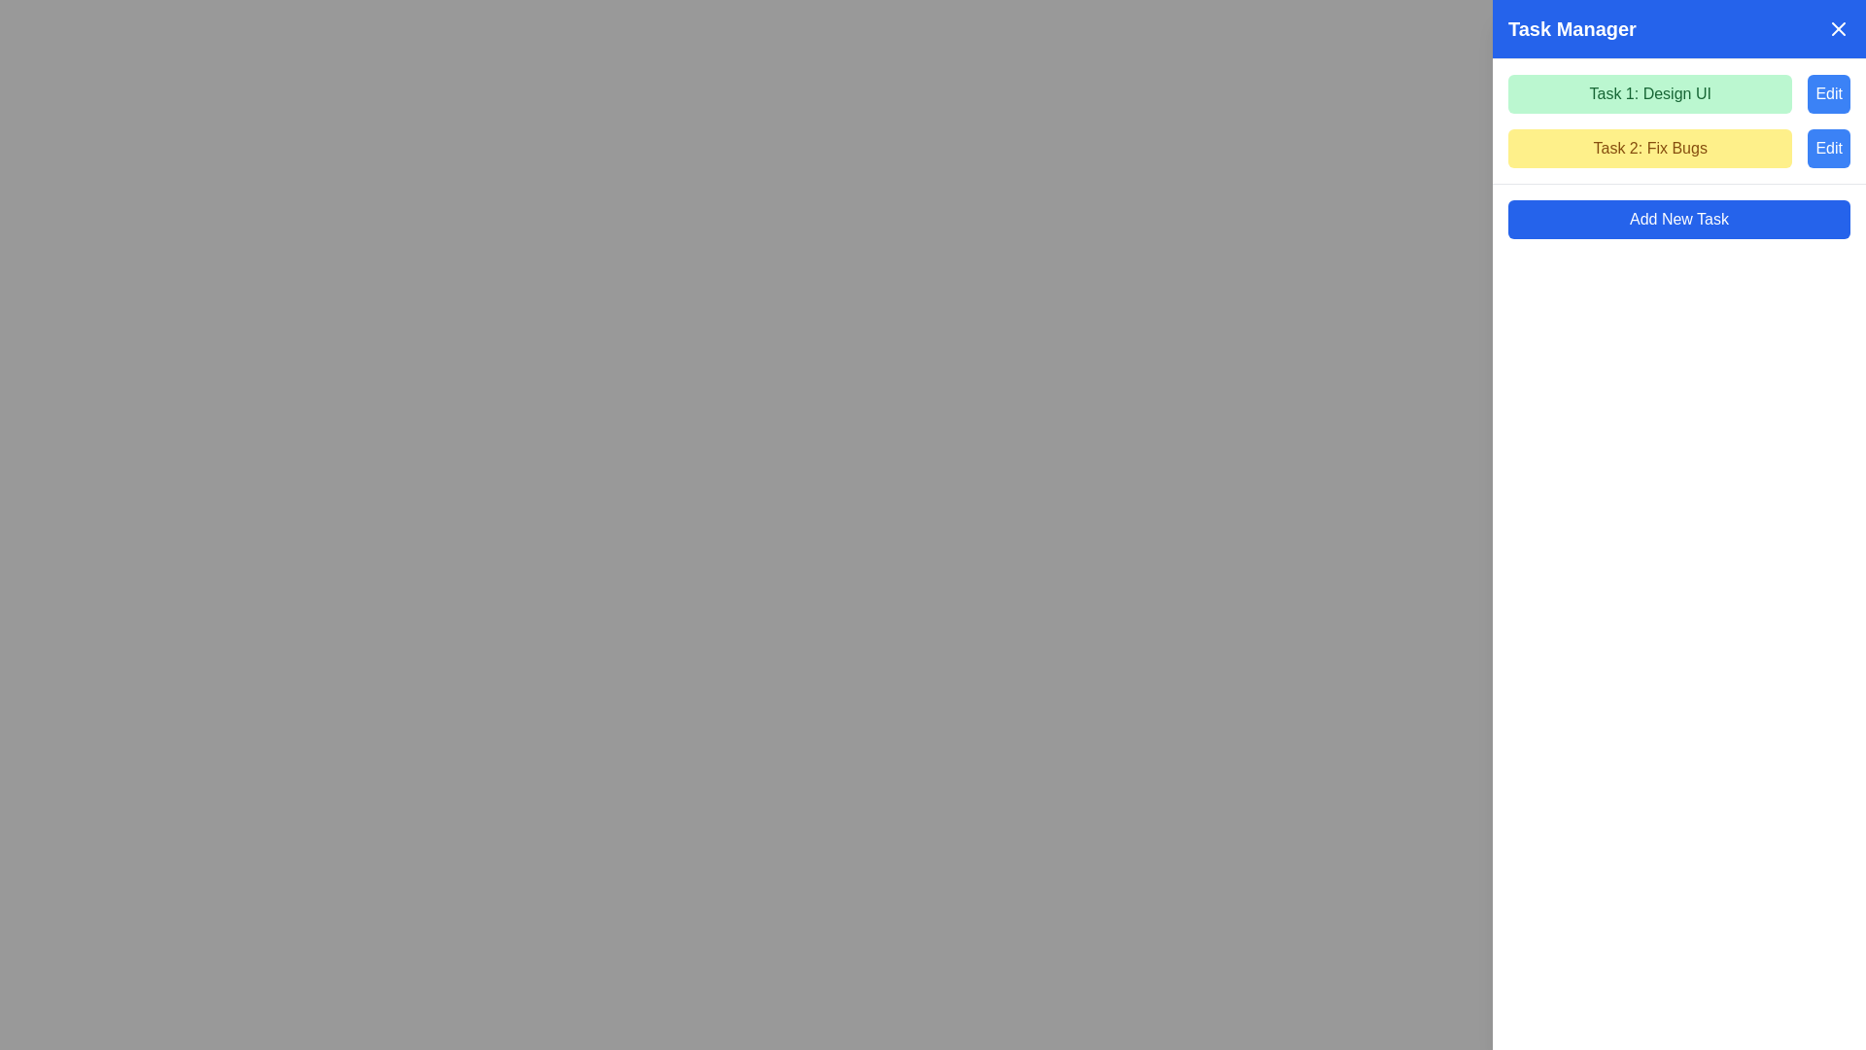 This screenshot has width=1866, height=1050. What do you see at coordinates (1678, 219) in the screenshot?
I see `the 'Create New Task' button located in the bottom section of the 'Task Manager' panel` at bounding box center [1678, 219].